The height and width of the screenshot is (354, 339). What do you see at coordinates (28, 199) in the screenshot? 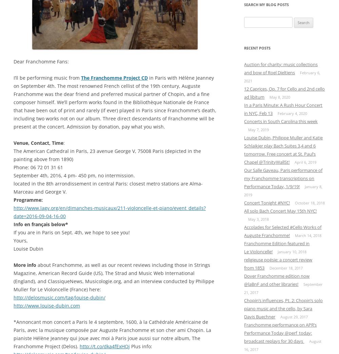
I see `'Programme:'` at bounding box center [28, 199].